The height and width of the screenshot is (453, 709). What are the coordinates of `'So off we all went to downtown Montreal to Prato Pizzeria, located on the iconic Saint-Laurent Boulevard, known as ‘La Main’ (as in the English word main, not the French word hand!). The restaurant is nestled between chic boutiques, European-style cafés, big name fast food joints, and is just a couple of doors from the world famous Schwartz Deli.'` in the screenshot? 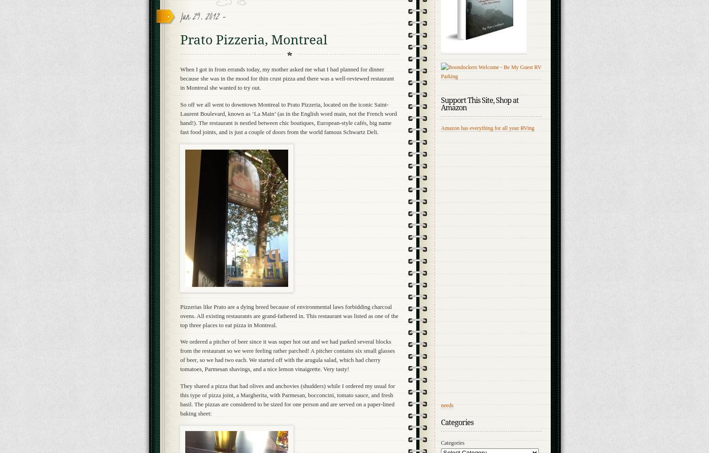 It's located at (288, 118).